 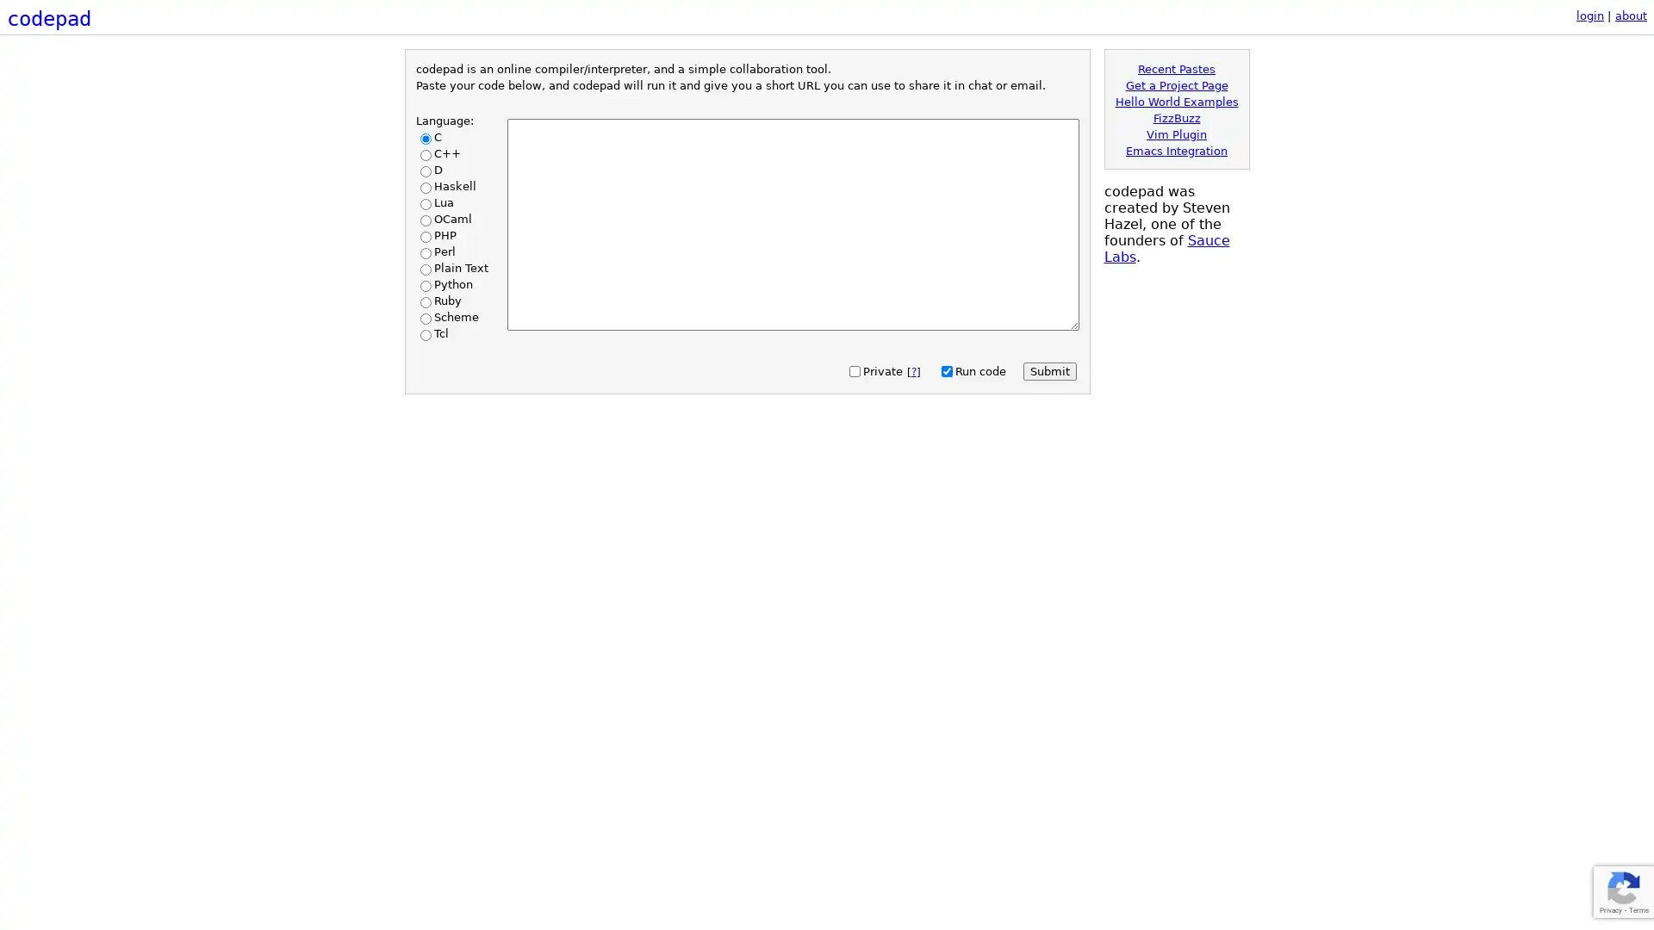 I want to click on Submit, so click(x=1048, y=370).